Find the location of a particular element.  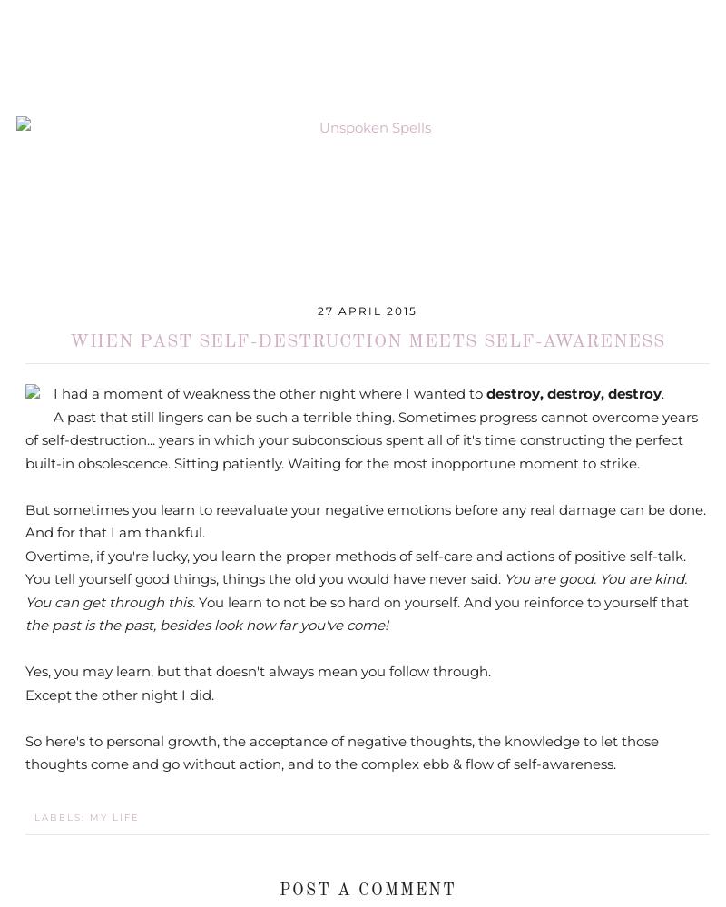

'destroy, destroy, destroy' is located at coordinates (574, 392).